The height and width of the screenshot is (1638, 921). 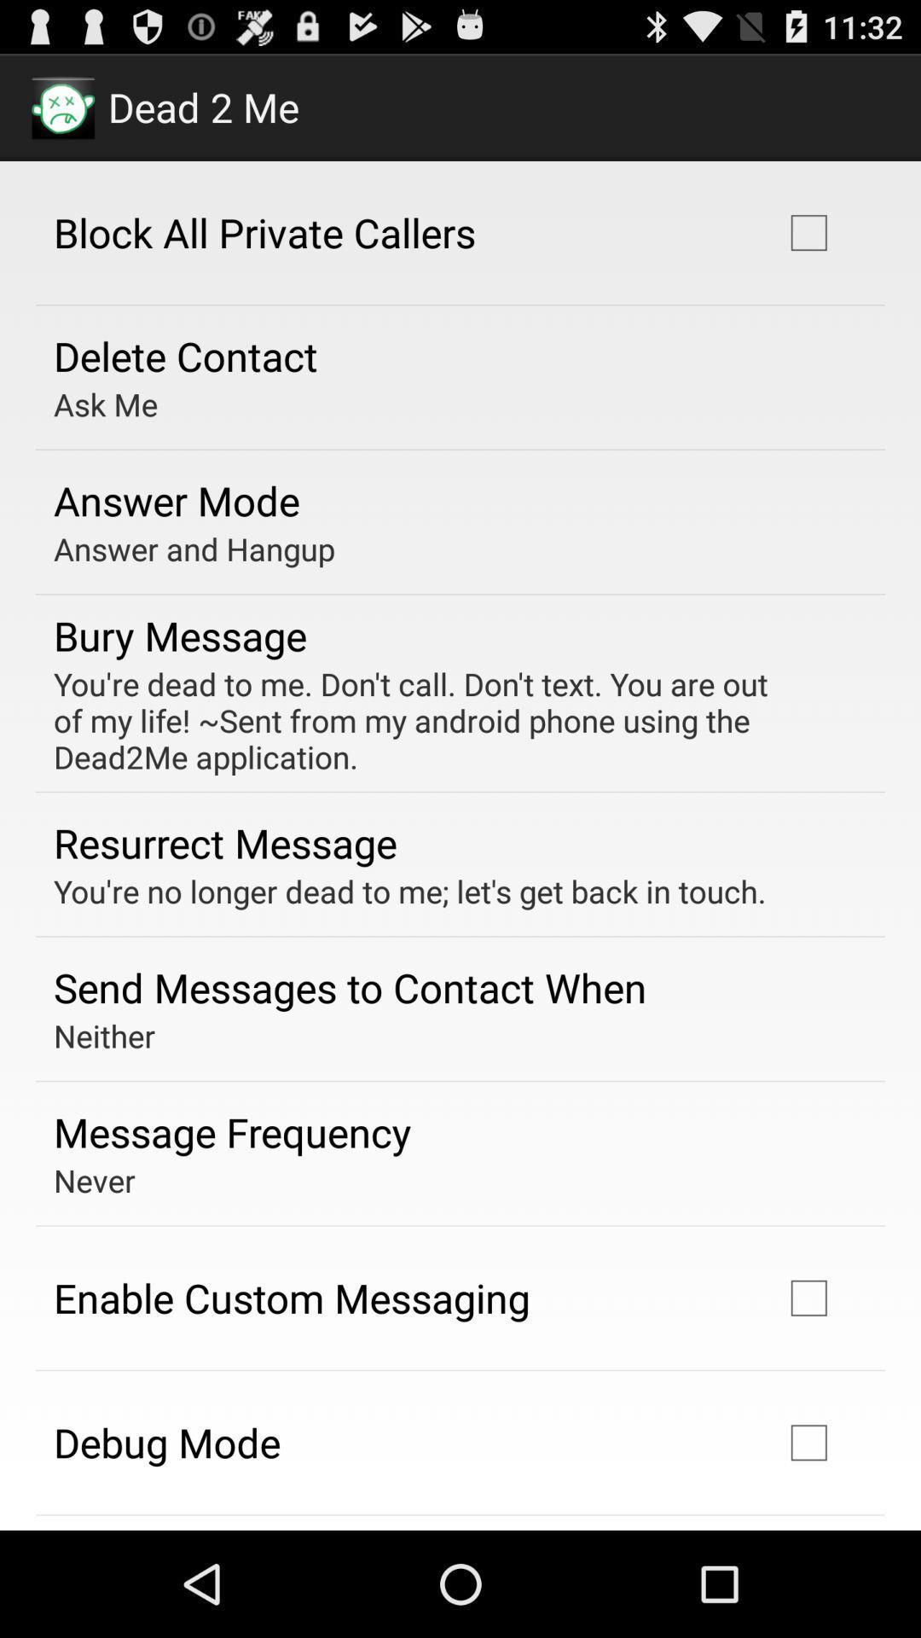 I want to click on app above the neither icon, so click(x=349, y=987).